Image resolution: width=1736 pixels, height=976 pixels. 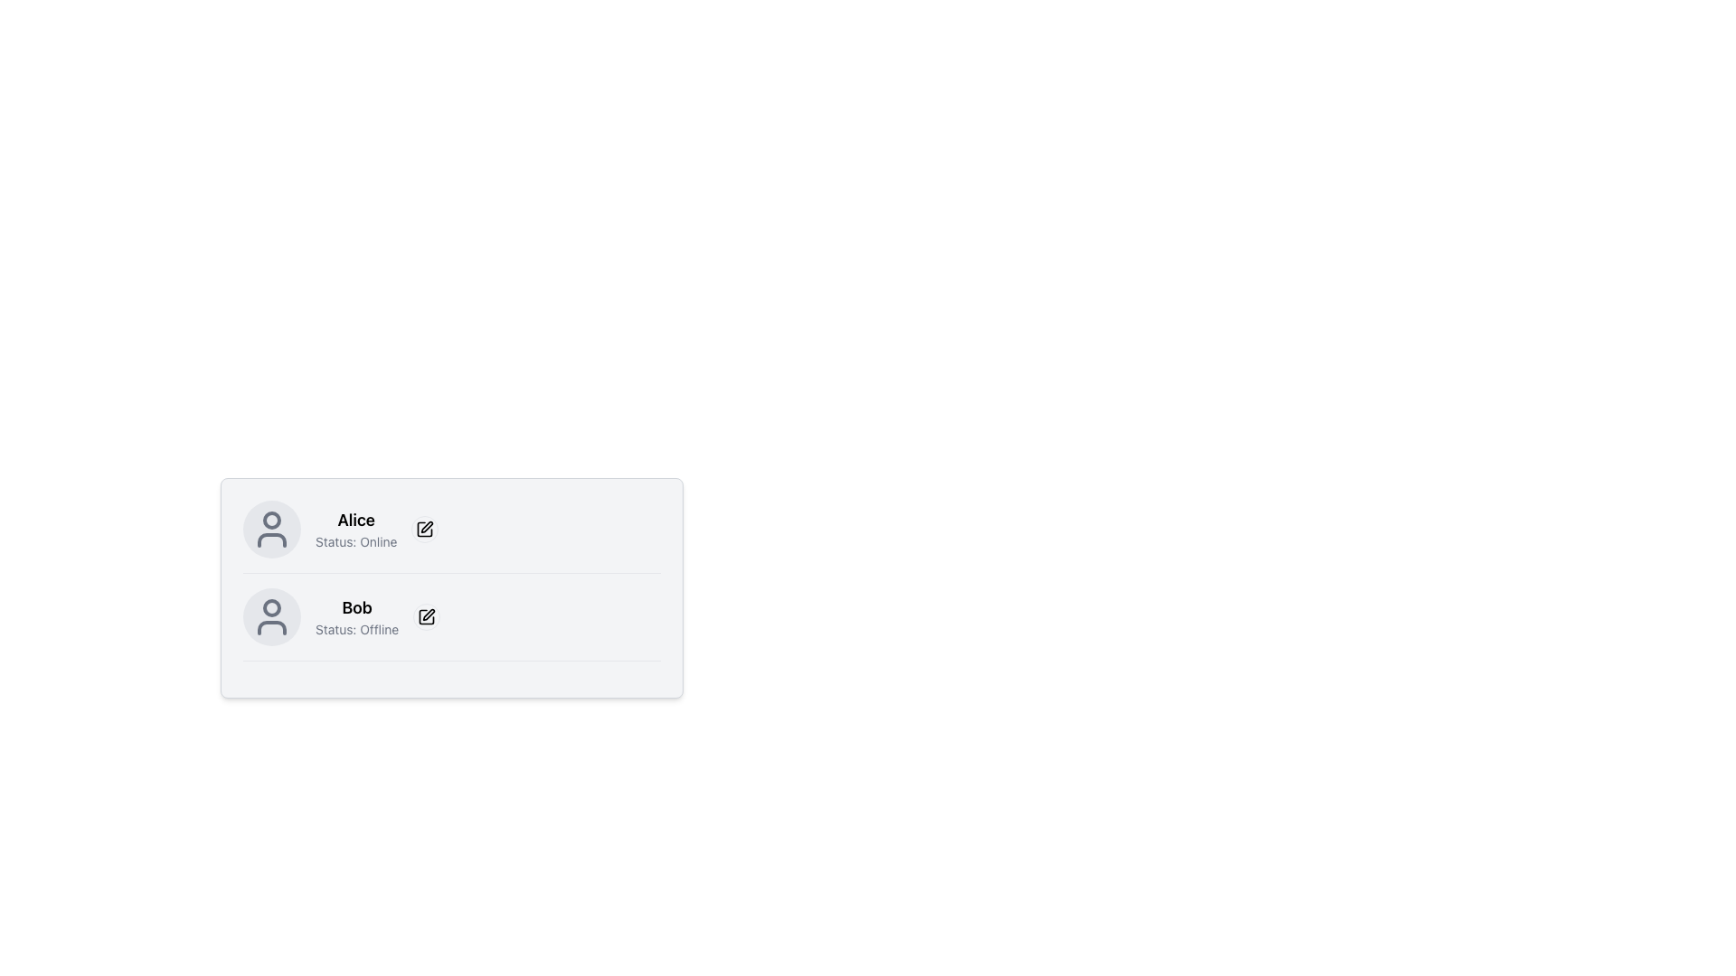 I want to click on the text information element displaying 'Alice' with the status 'Status: Online', located in the user profile section, so click(x=356, y=529).